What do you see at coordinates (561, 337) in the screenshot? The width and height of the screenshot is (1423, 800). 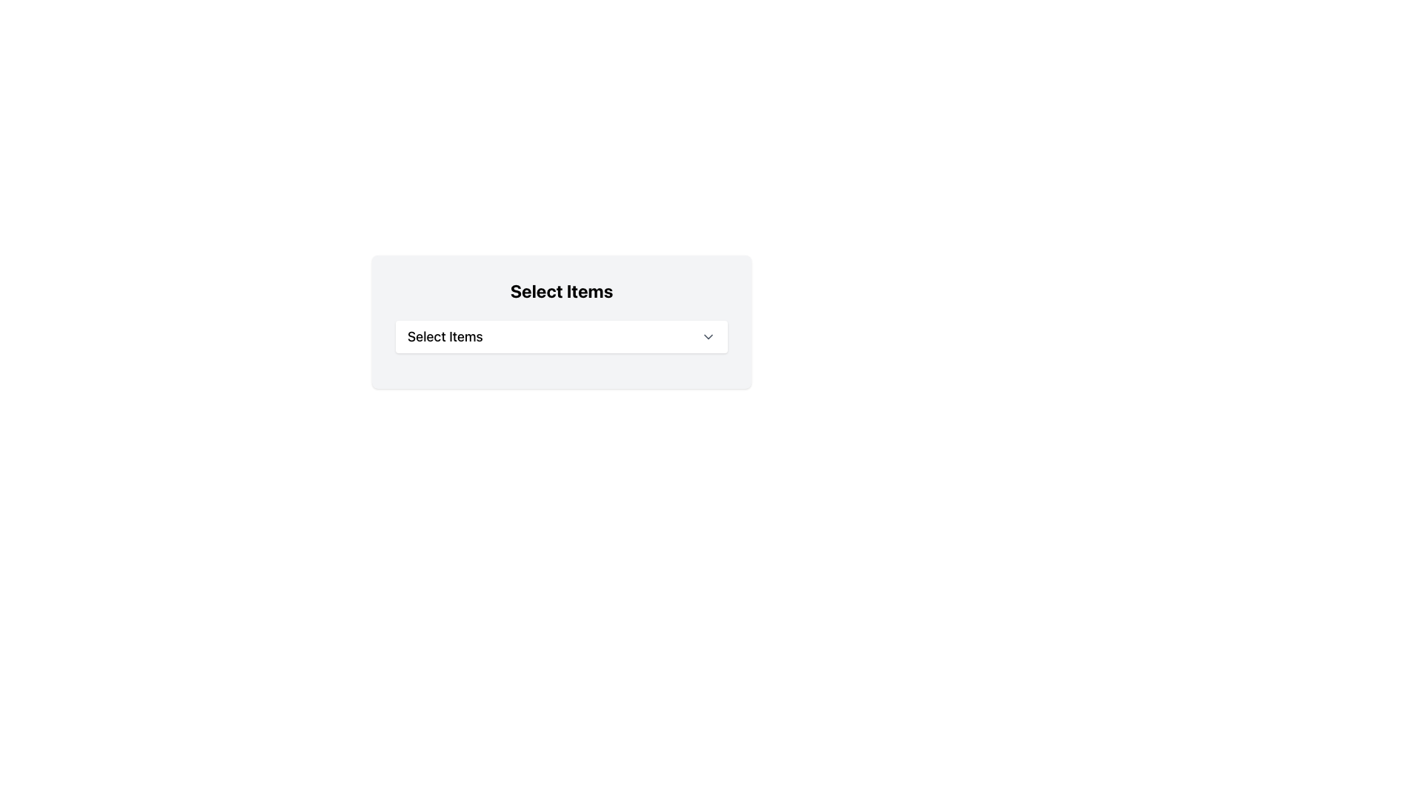 I see `the dropdown button located below the title 'Select Items' by pressing a key` at bounding box center [561, 337].